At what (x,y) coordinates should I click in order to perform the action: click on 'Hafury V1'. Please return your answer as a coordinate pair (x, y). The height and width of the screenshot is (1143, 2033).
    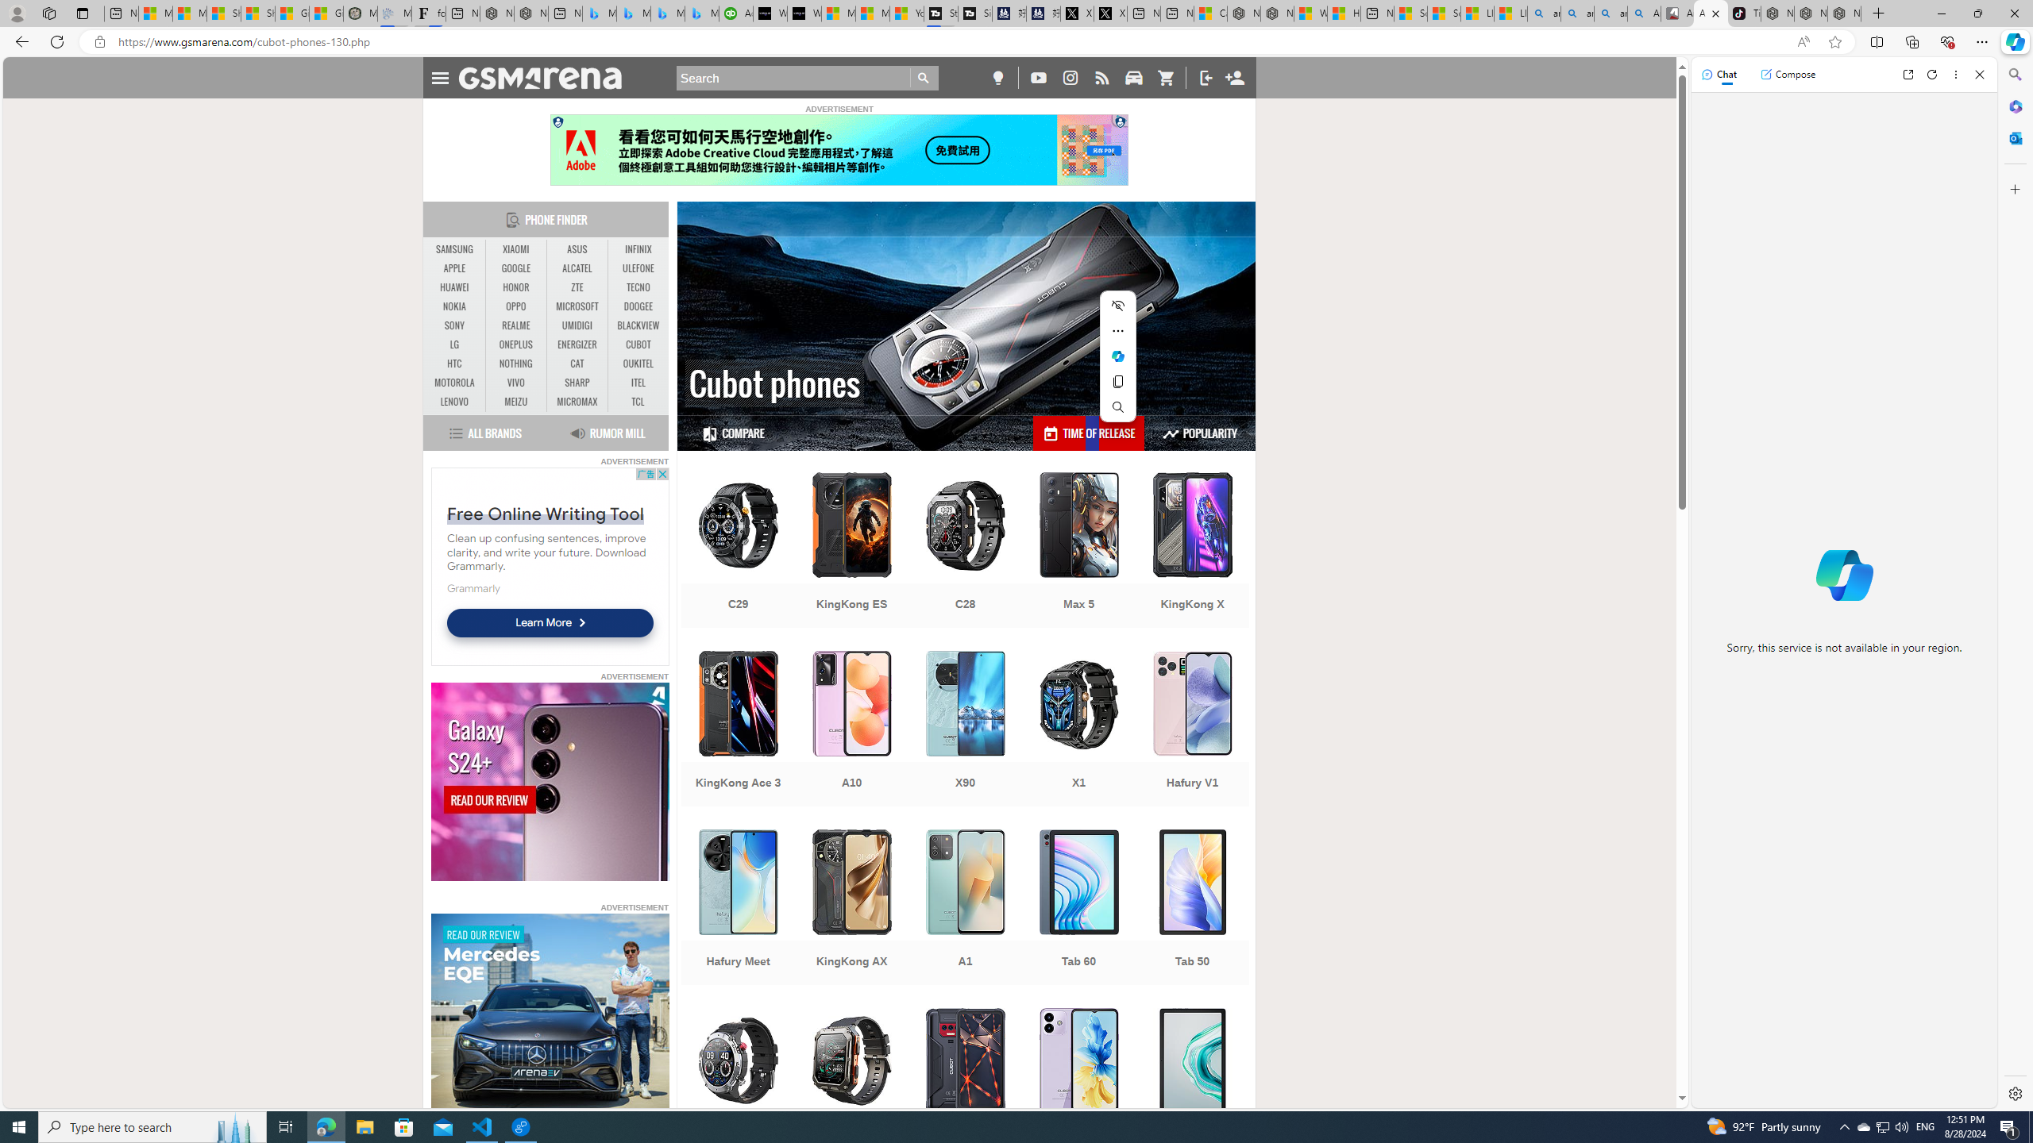
    Looking at the image, I should click on (1191, 729).